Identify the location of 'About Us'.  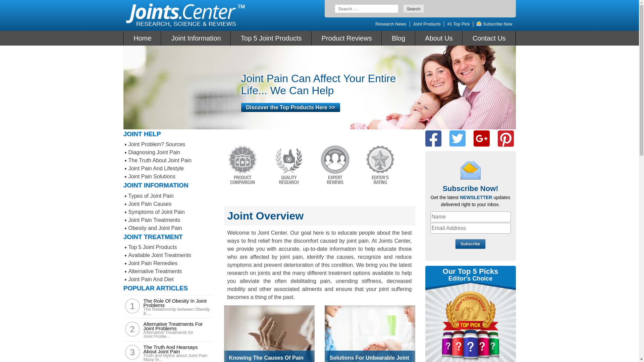
(439, 38).